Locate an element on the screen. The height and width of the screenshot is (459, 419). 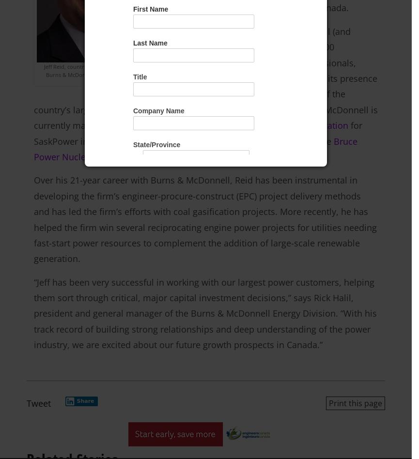
'Ontario' is located at coordinates (153, 156).